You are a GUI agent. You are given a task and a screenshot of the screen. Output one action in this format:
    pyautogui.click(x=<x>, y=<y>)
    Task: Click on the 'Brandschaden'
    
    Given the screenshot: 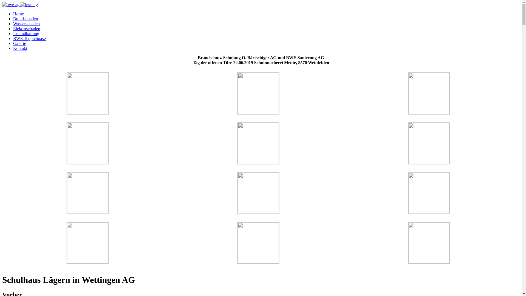 What is the action you would take?
    pyautogui.click(x=25, y=18)
    